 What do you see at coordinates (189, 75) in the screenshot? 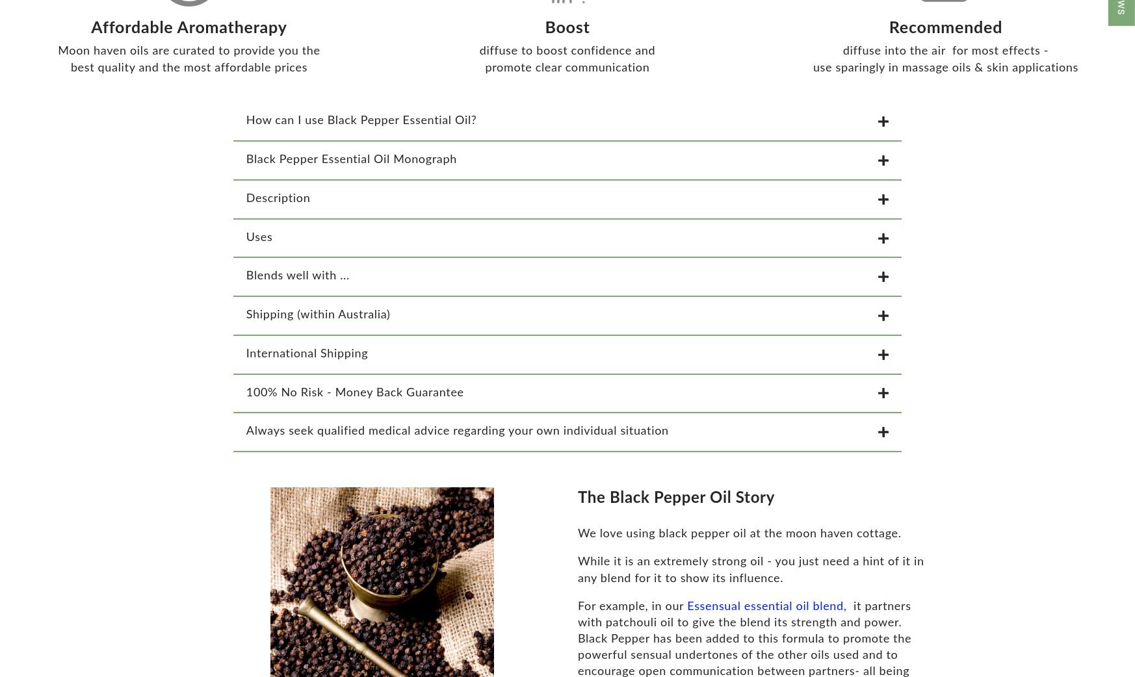
I see `'best quality and the most affordable prices'` at bounding box center [189, 75].